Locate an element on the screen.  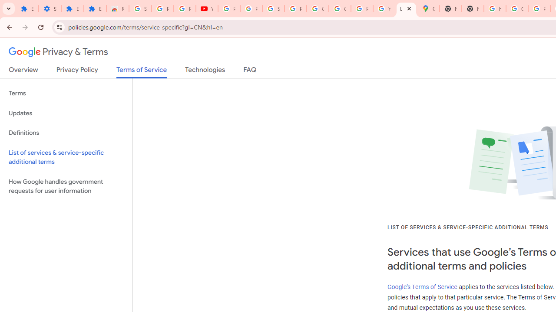
'Definitions' is located at coordinates (66, 133).